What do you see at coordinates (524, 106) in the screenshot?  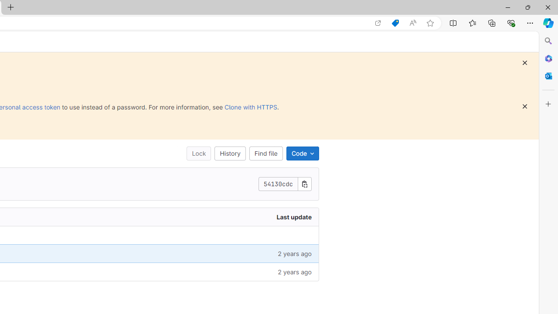 I see `'Dismiss'` at bounding box center [524, 106].